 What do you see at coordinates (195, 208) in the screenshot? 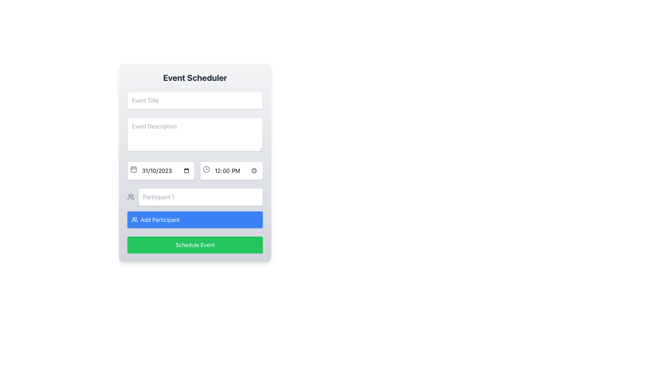
I see `the 'Add Participant' button located centrally within the 'Event Scheduler' panel, below the 'Event Description' and date-time selection fields` at bounding box center [195, 208].